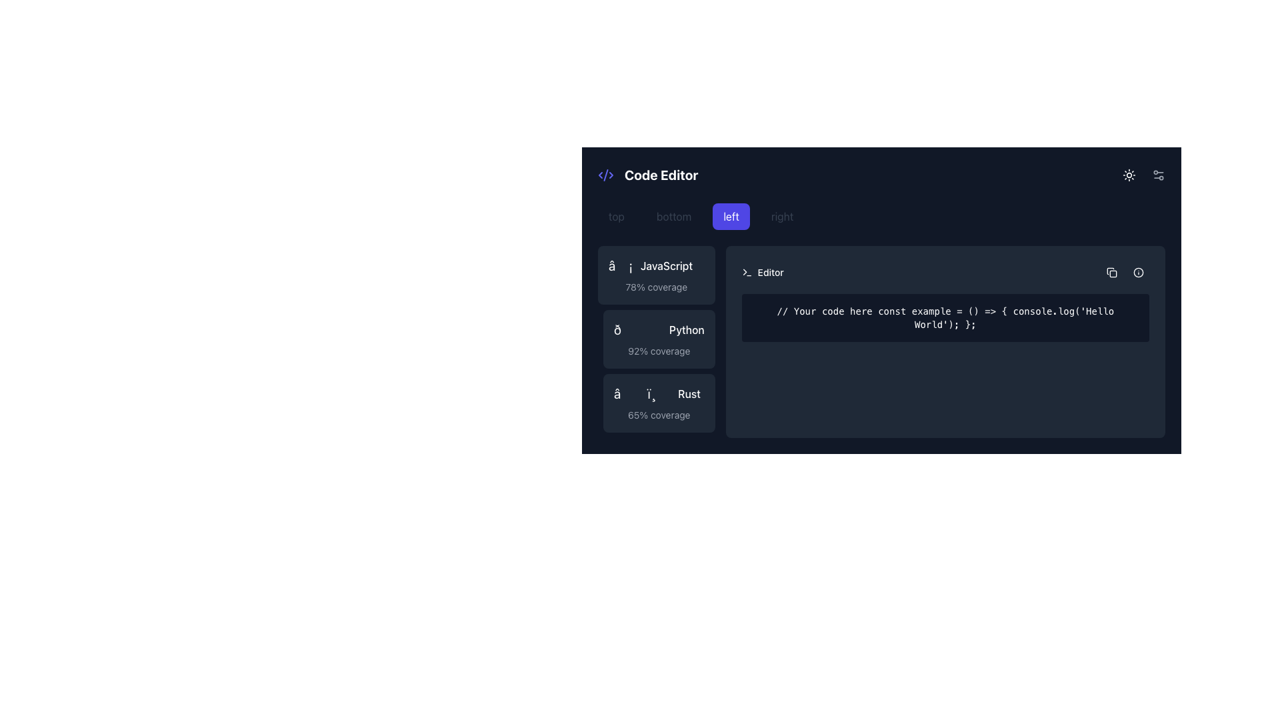  I want to click on the appearance of the large-sized white emoji styled character resembling a snake, which is positioned immediately to the left of the text 'Python' in the left column, so click(637, 329).